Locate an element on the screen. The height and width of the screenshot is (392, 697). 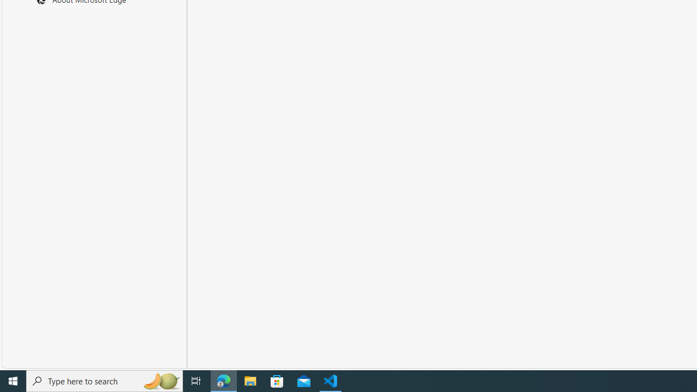
'Microsoft Edge - 1 running window' is located at coordinates (223, 380).